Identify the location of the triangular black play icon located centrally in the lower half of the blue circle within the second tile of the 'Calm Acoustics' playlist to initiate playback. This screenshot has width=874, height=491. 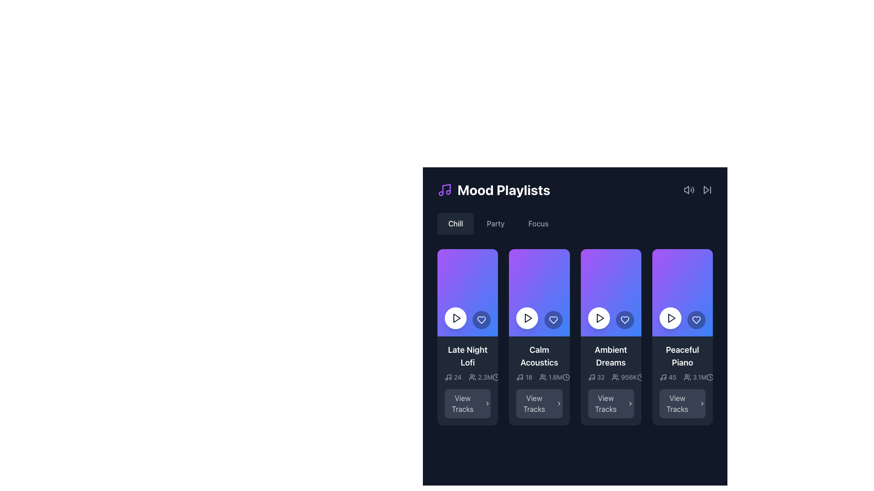
(528, 317).